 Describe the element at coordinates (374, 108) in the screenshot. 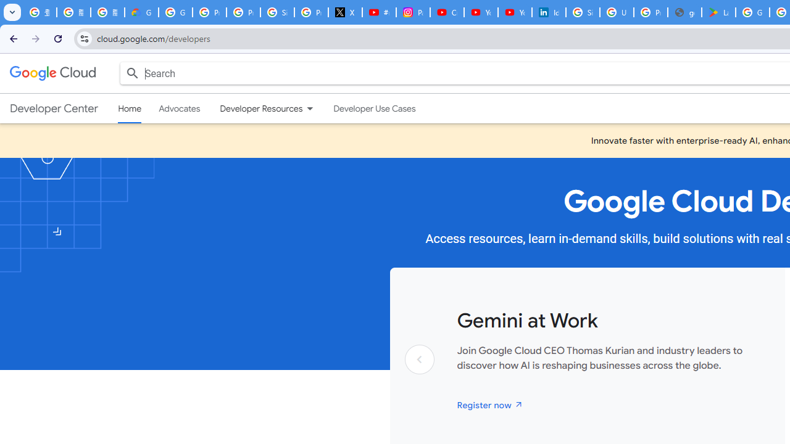

I see `'Developer Use Cases'` at that location.